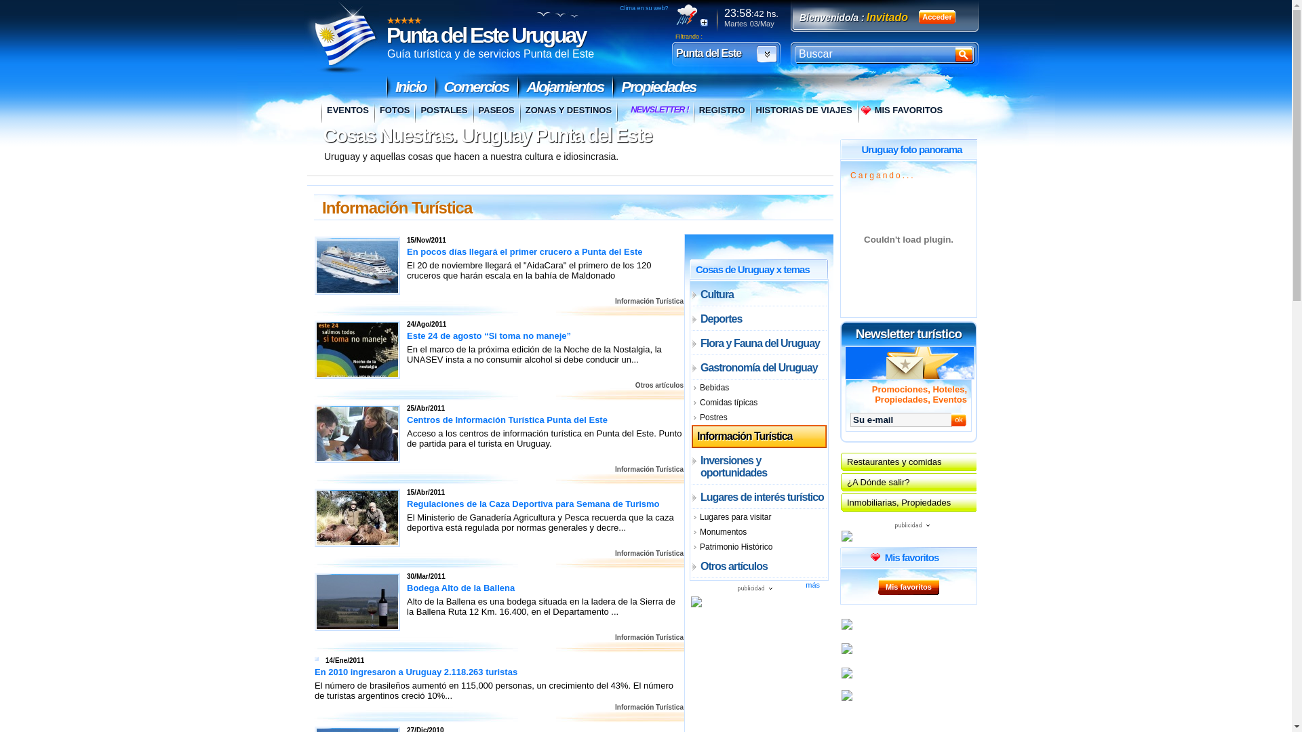  I want to click on 'Cosas de Uruguay x temas', so click(751, 268).